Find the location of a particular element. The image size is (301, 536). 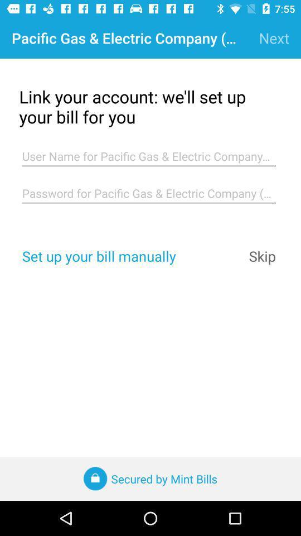

app at the top right corner is located at coordinates (273, 38).